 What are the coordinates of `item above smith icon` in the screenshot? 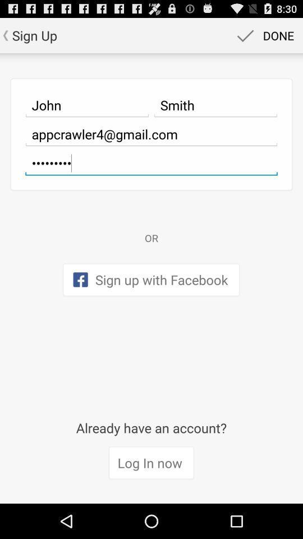 It's located at (264, 35).